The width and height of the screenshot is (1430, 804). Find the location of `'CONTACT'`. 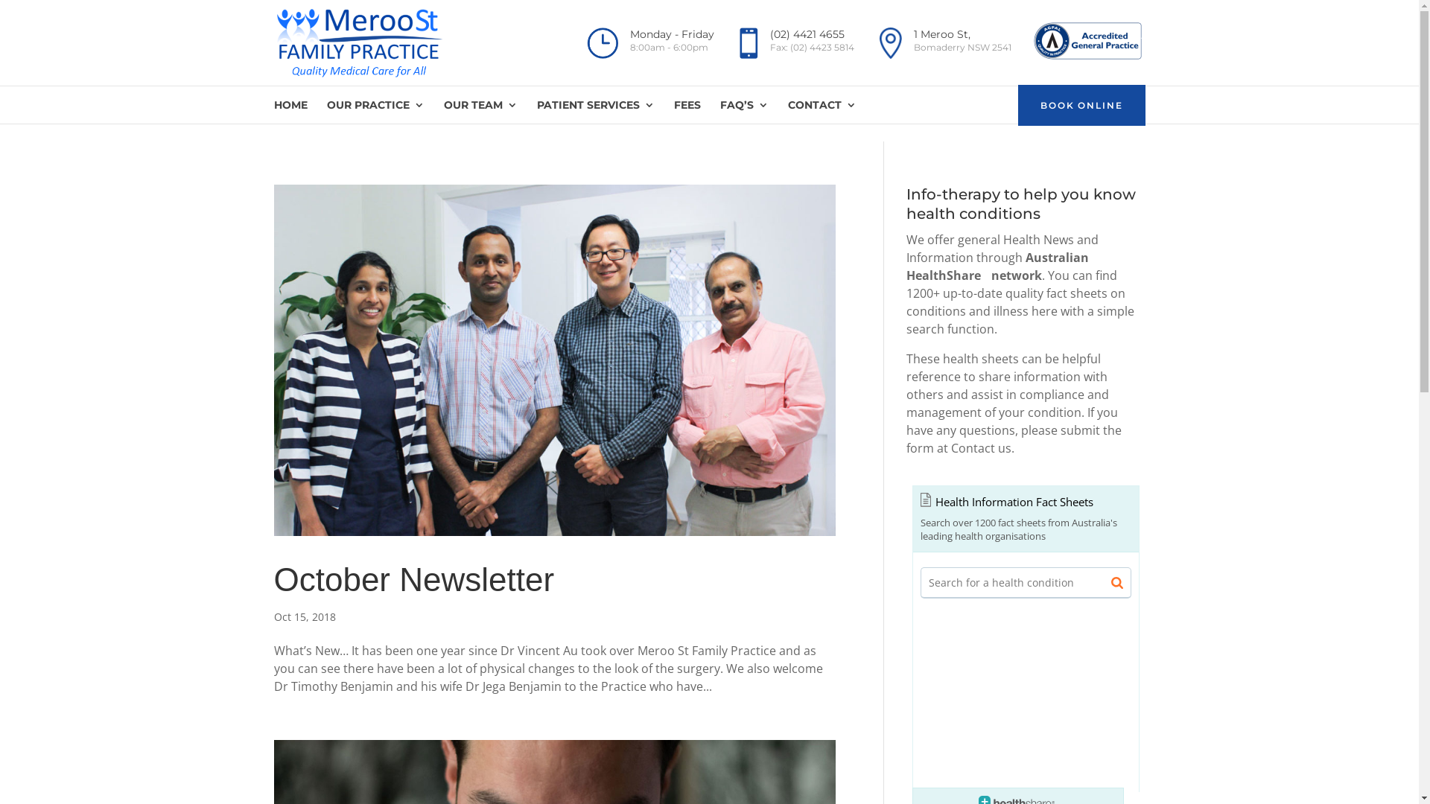

'CONTACT' is located at coordinates (822, 111).